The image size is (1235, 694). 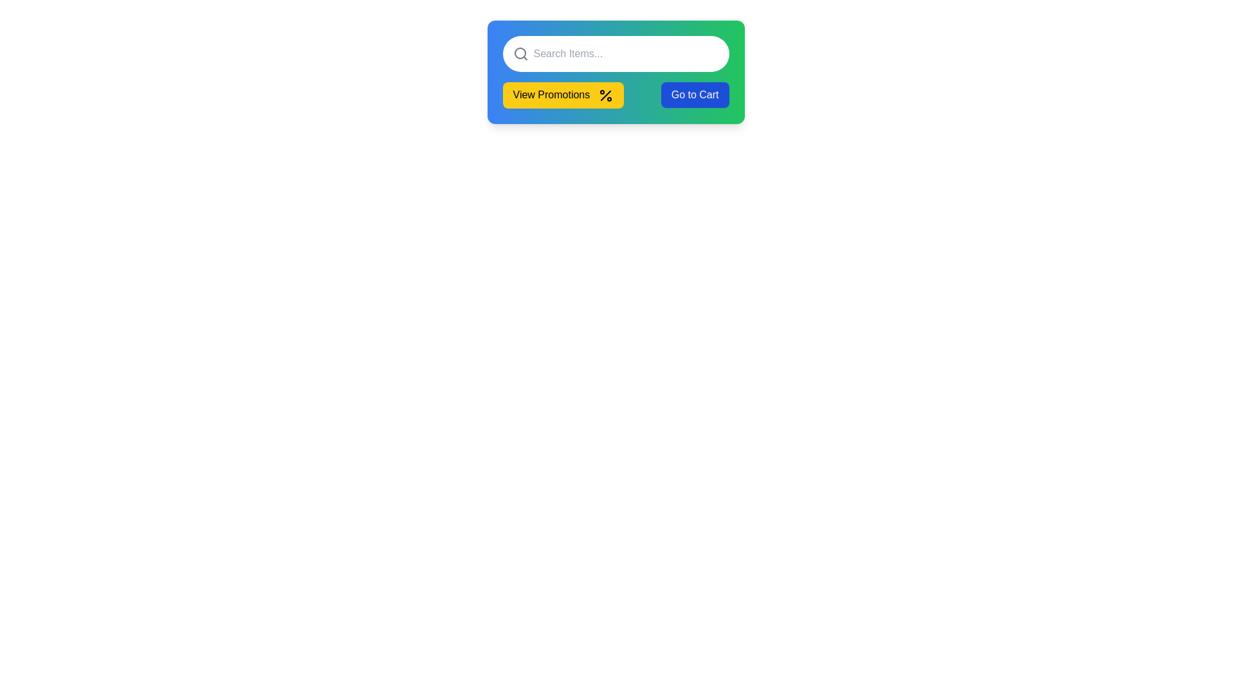 What do you see at coordinates (605, 94) in the screenshot?
I see `the graphical line of the percentage symbol icon, located to the right of the 'View Promotions' button` at bounding box center [605, 94].